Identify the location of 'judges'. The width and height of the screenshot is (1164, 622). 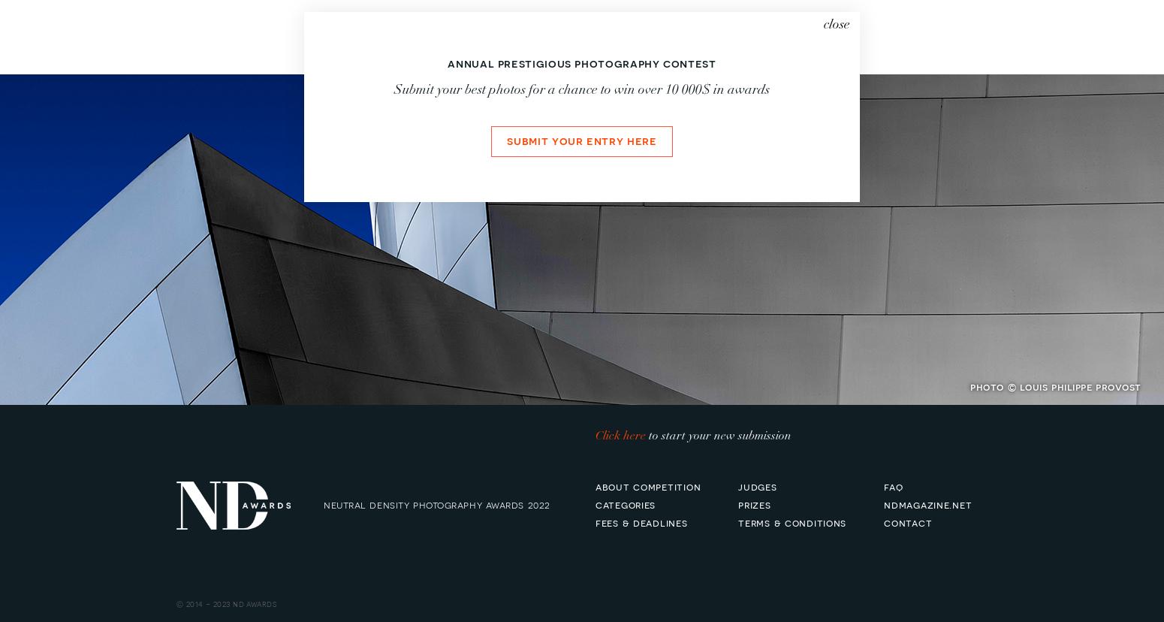
(737, 485).